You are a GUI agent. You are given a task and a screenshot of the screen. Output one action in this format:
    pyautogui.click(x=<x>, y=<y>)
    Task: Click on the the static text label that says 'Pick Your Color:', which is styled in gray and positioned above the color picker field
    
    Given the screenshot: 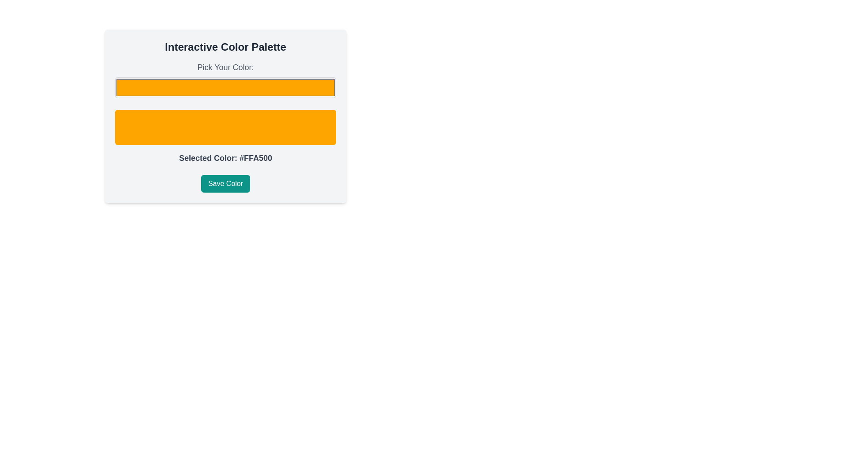 What is the action you would take?
    pyautogui.click(x=225, y=67)
    